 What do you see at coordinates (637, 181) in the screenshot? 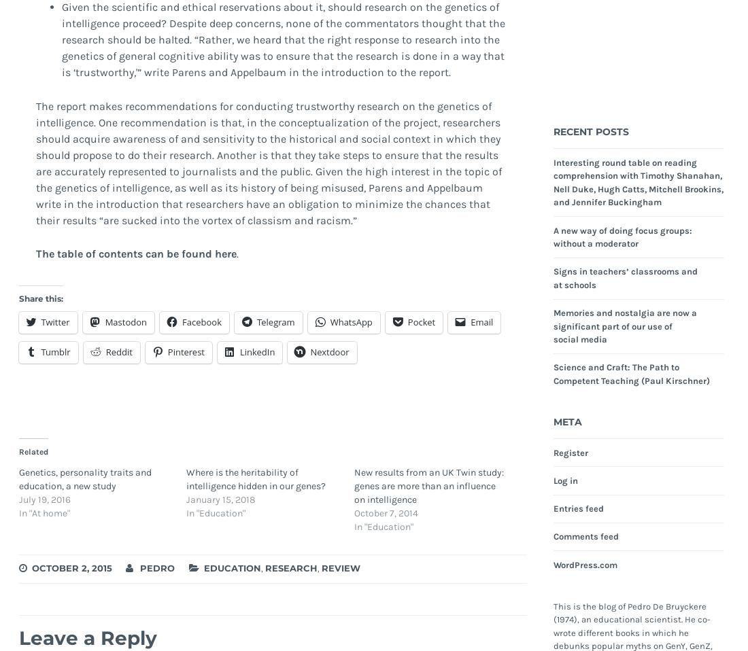
I see `'Interesting round table on reading comprehension with  Timothy Shanahan, Nell Duke, Hugh Catts, Mitchell Brookins, and Jennifer Buckingham'` at bounding box center [637, 181].